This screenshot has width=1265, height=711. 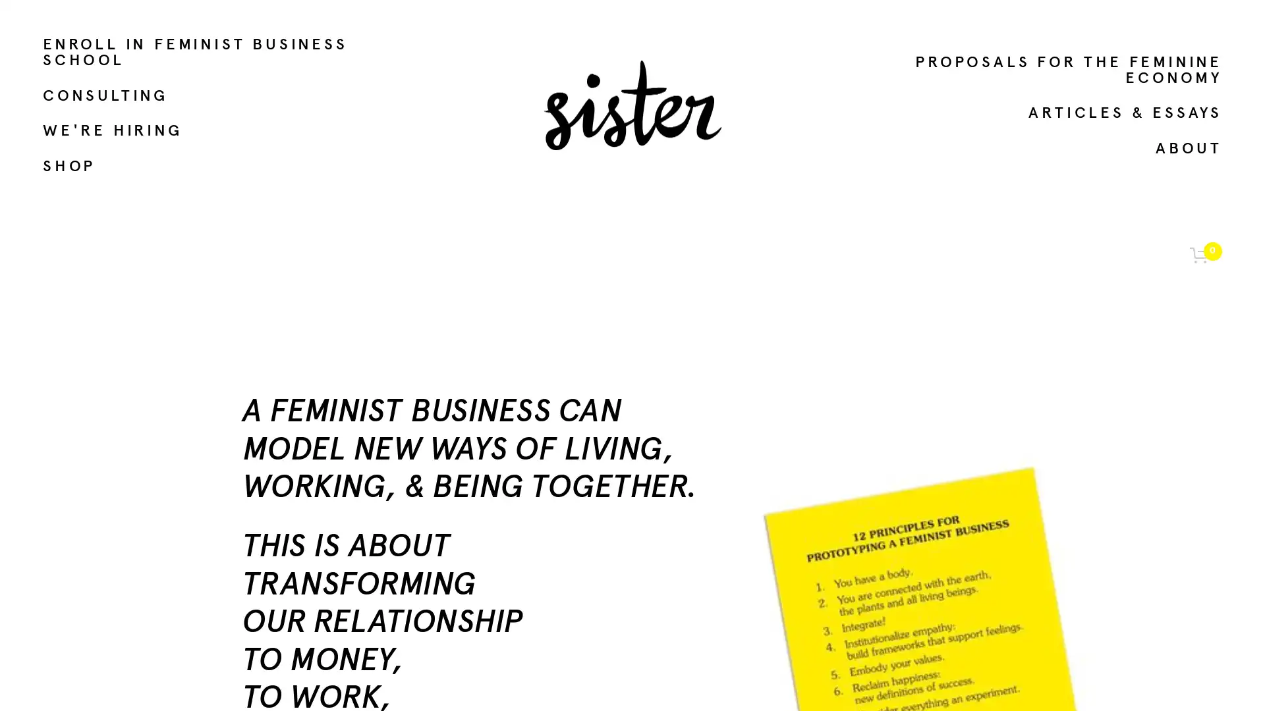 What do you see at coordinates (1198, 336) in the screenshot?
I see `Close` at bounding box center [1198, 336].